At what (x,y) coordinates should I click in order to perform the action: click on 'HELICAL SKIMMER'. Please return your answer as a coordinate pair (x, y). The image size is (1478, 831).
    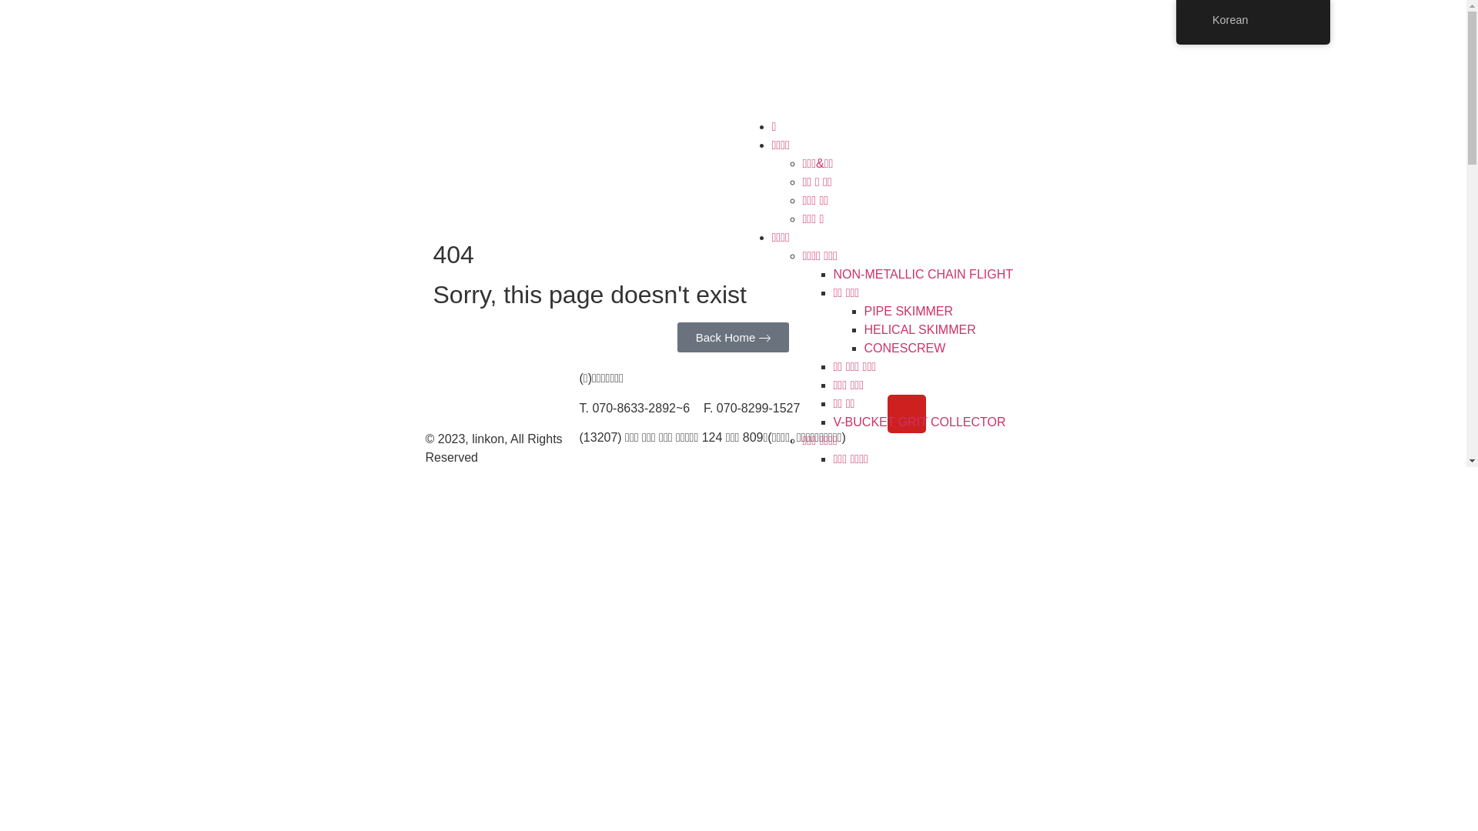
    Looking at the image, I should click on (919, 329).